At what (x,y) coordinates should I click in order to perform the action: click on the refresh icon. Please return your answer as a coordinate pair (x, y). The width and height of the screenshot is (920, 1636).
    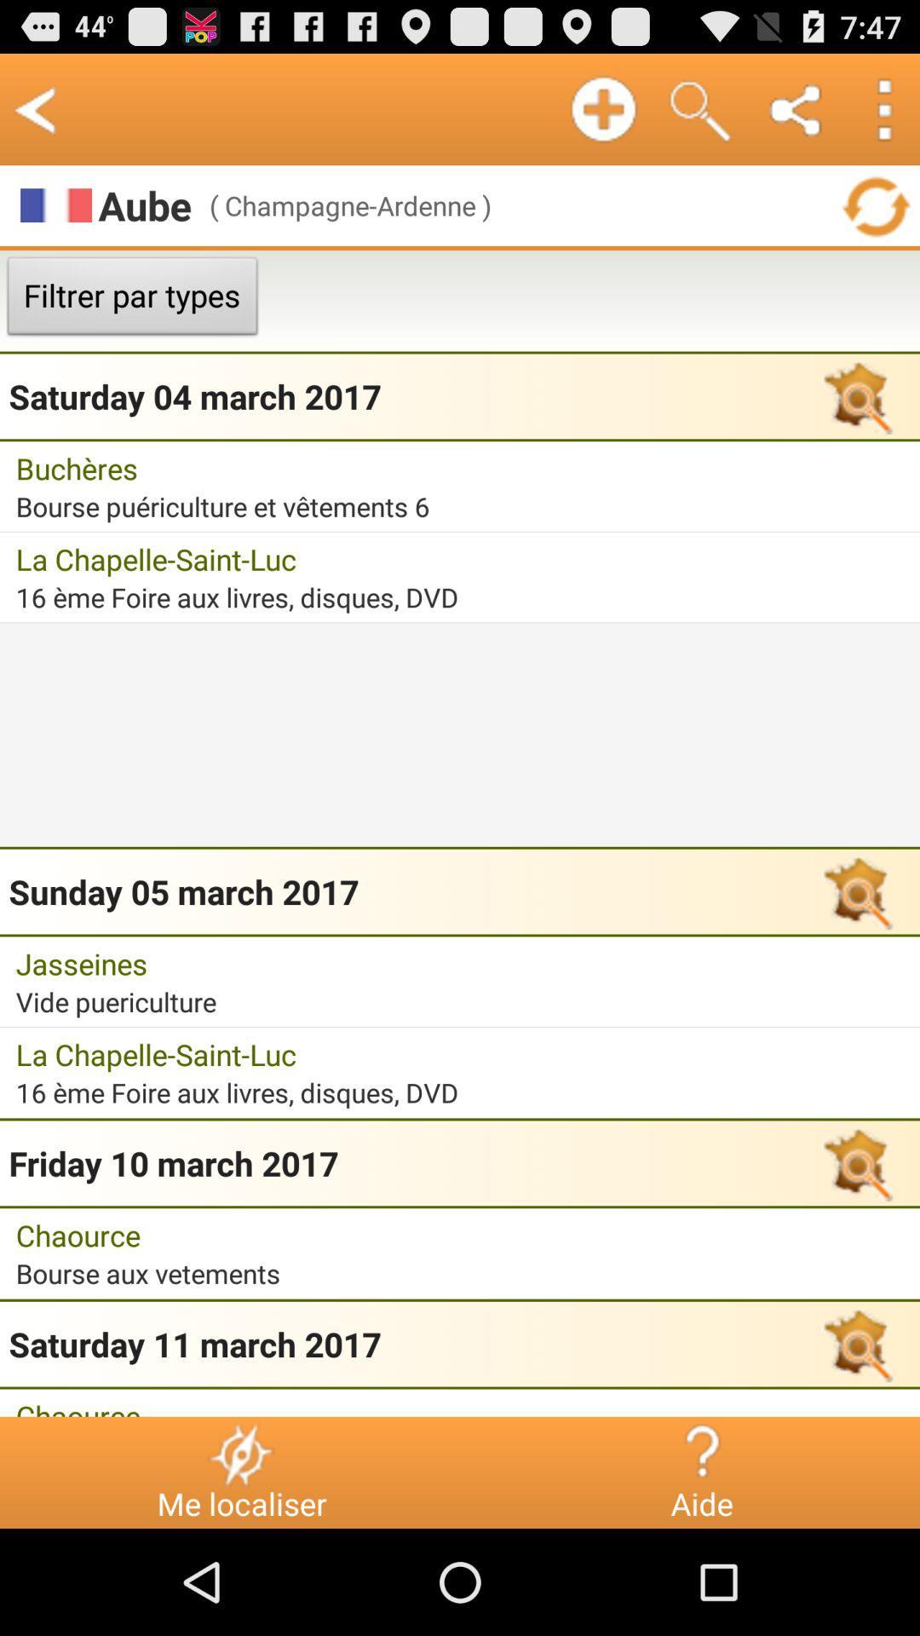
    Looking at the image, I should click on (875, 219).